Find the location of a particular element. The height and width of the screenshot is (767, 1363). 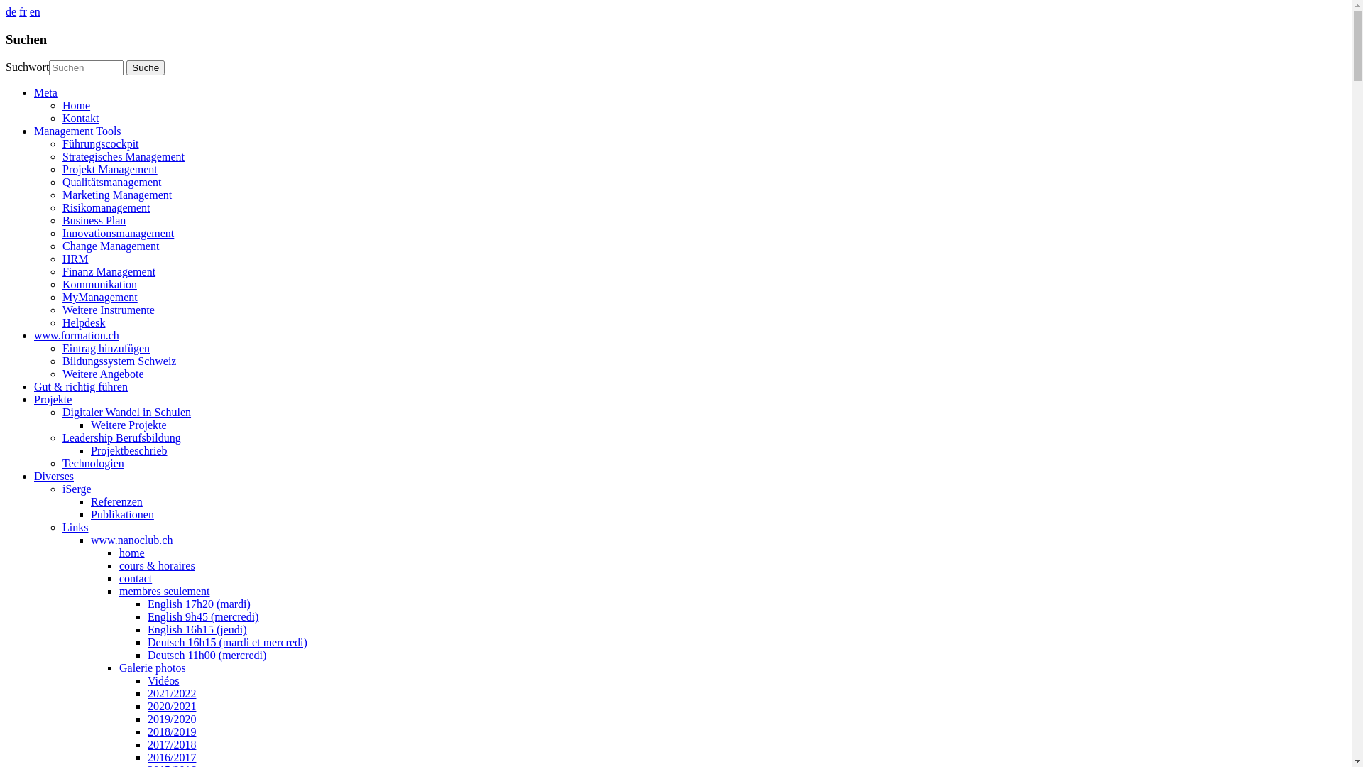

'English 9h45 (mercredi)' is located at coordinates (202, 616).